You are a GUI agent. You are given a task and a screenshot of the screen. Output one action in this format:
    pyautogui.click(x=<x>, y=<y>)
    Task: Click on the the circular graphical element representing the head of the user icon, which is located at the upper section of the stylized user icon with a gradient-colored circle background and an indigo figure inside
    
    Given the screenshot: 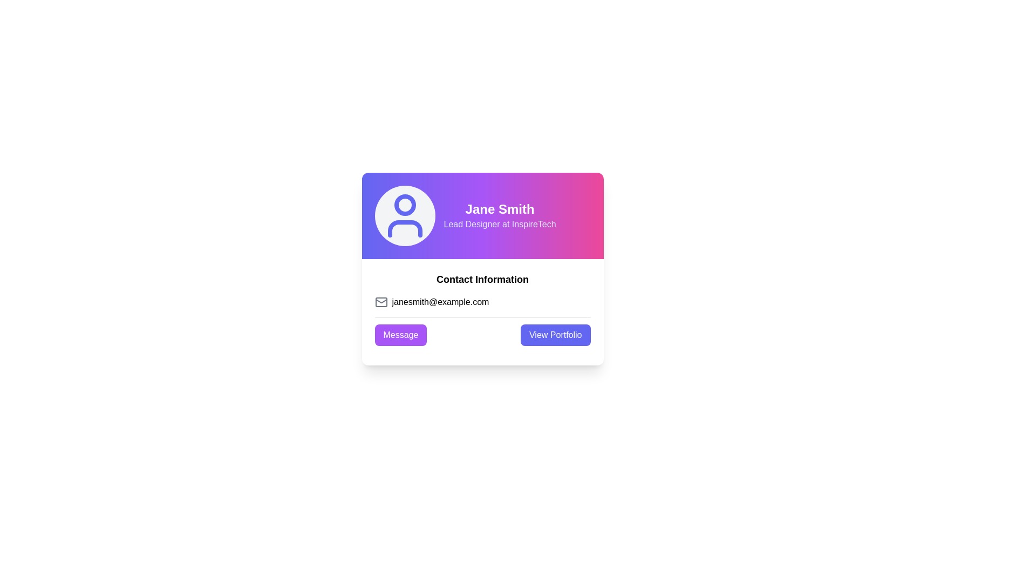 What is the action you would take?
    pyautogui.click(x=404, y=205)
    